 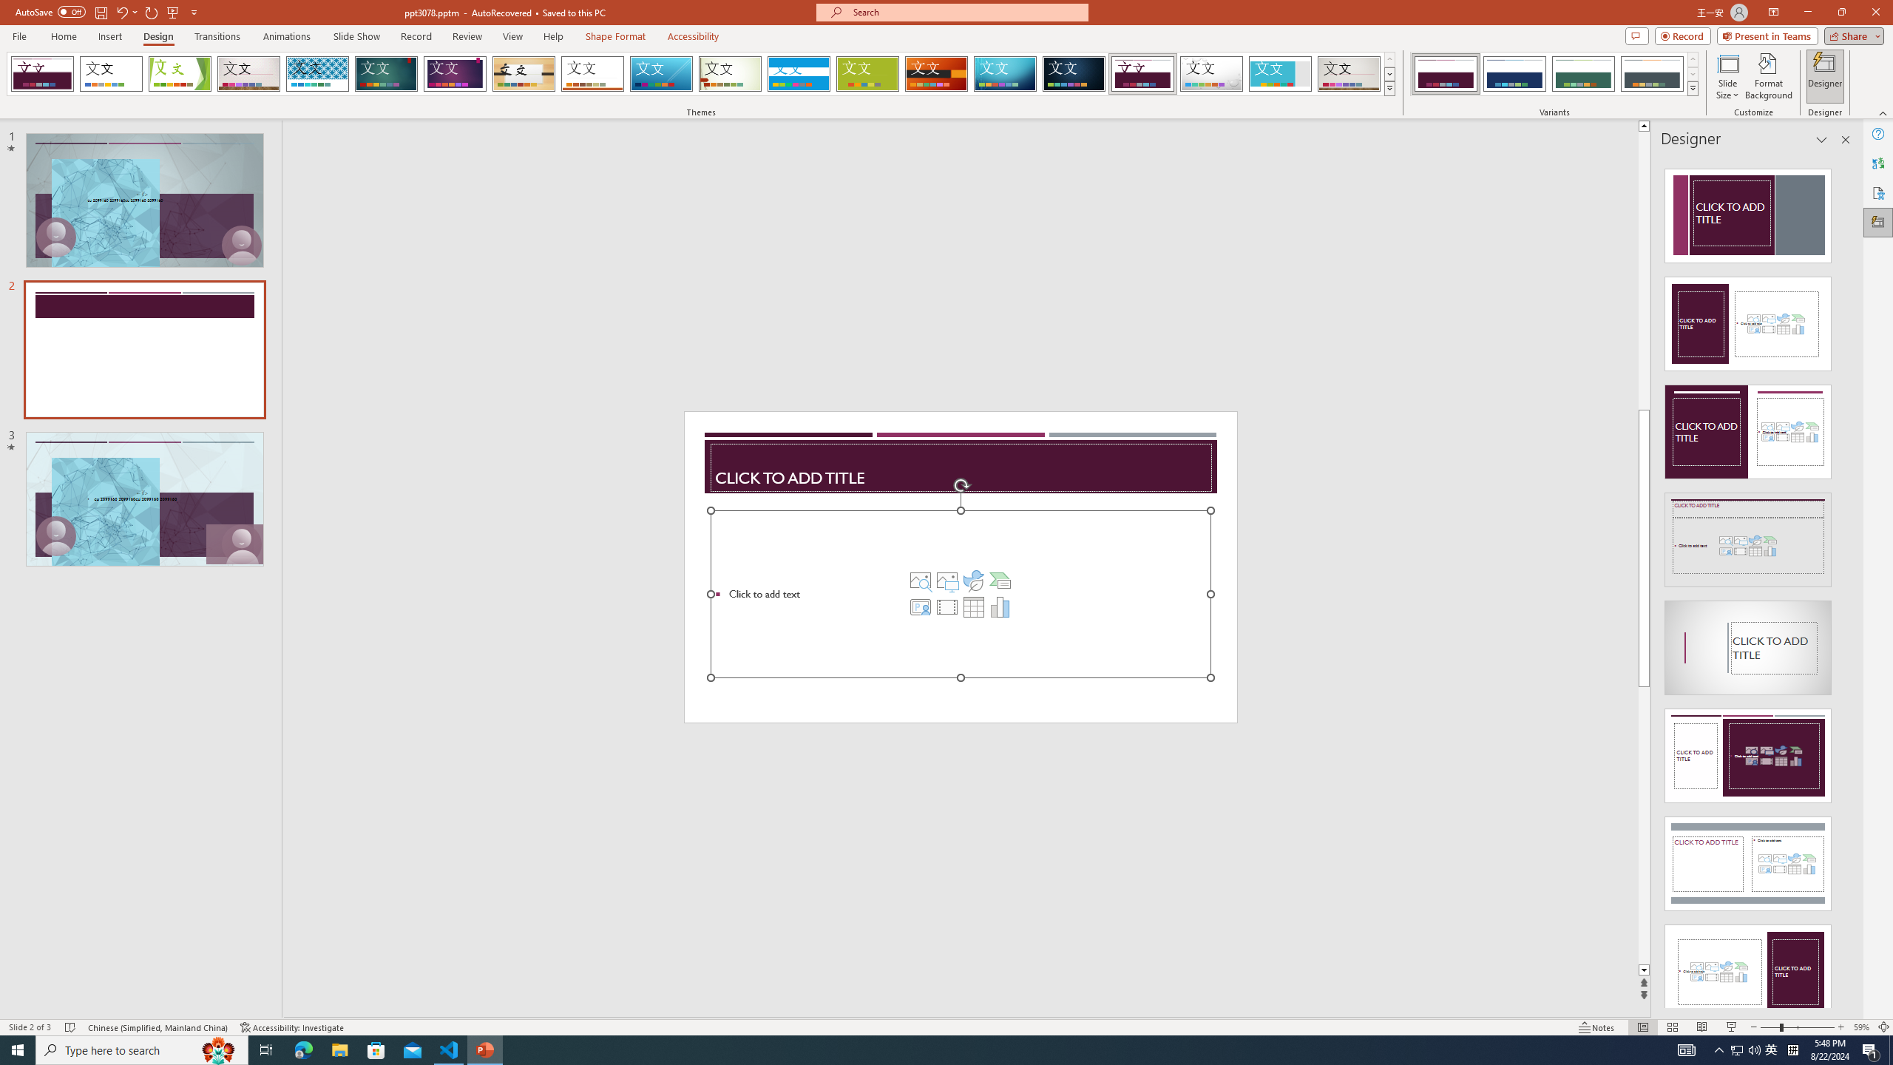 I want to click on 'Class: NetUIScrollBar', so click(x=1844, y=581).